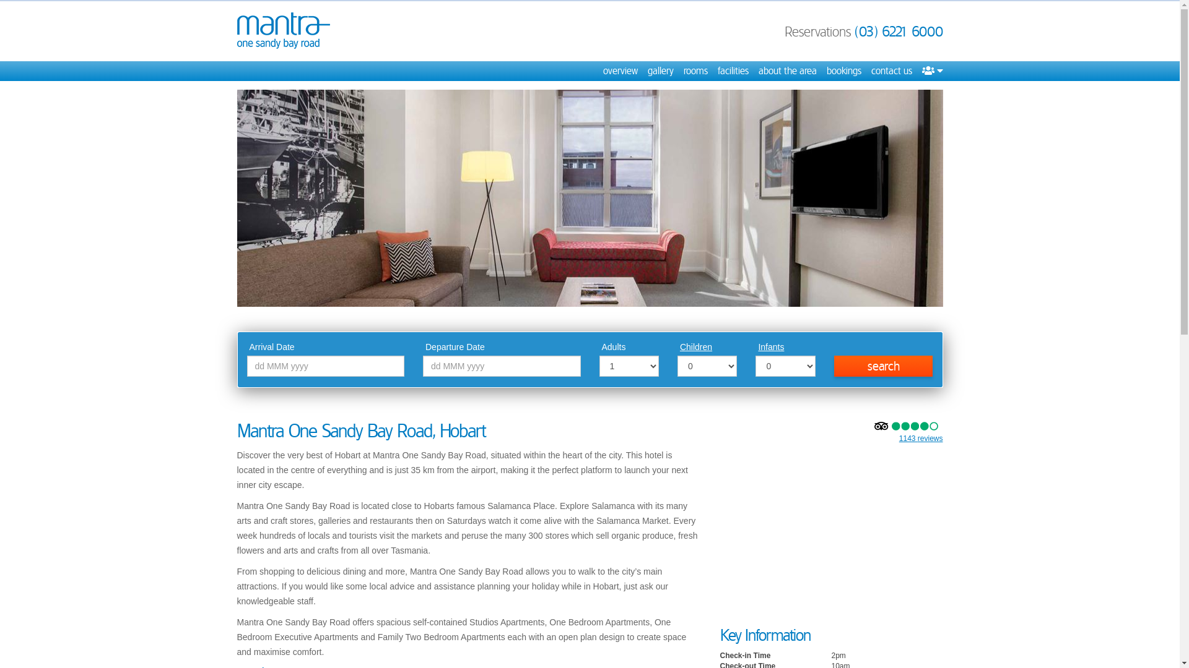 The height and width of the screenshot is (668, 1189). I want to click on 'Mantra One Sandy Bay Road', so click(282, 30).